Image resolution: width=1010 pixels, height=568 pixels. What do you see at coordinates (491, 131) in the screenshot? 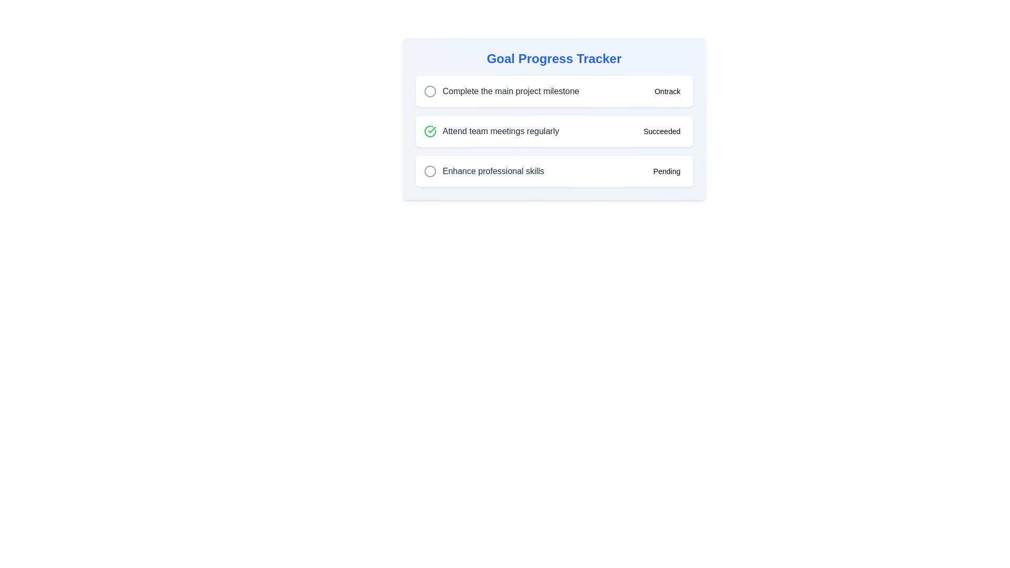
I see `the task labeled 'Attend team meetings regularly' with a green checkmark in the 'Goal Progress Tracker' section` at bounding box center [491, 131].